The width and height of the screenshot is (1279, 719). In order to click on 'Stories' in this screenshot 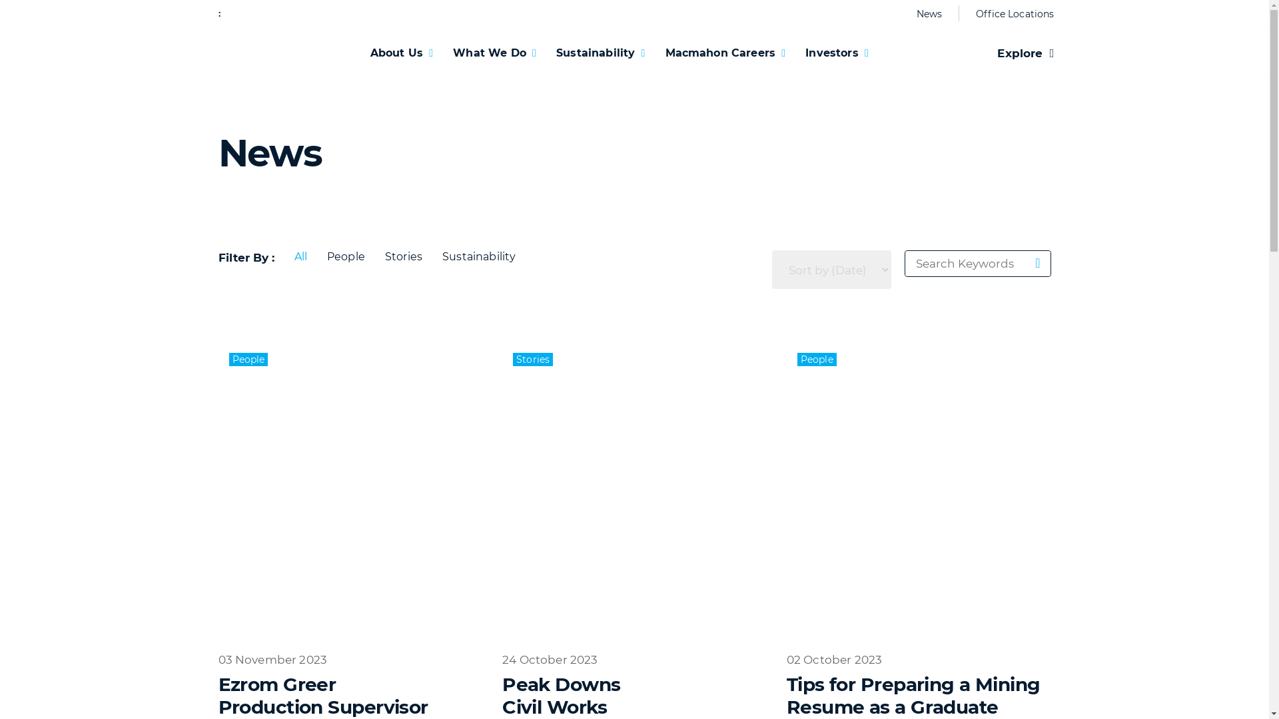, I will do `click(402, 256)`.